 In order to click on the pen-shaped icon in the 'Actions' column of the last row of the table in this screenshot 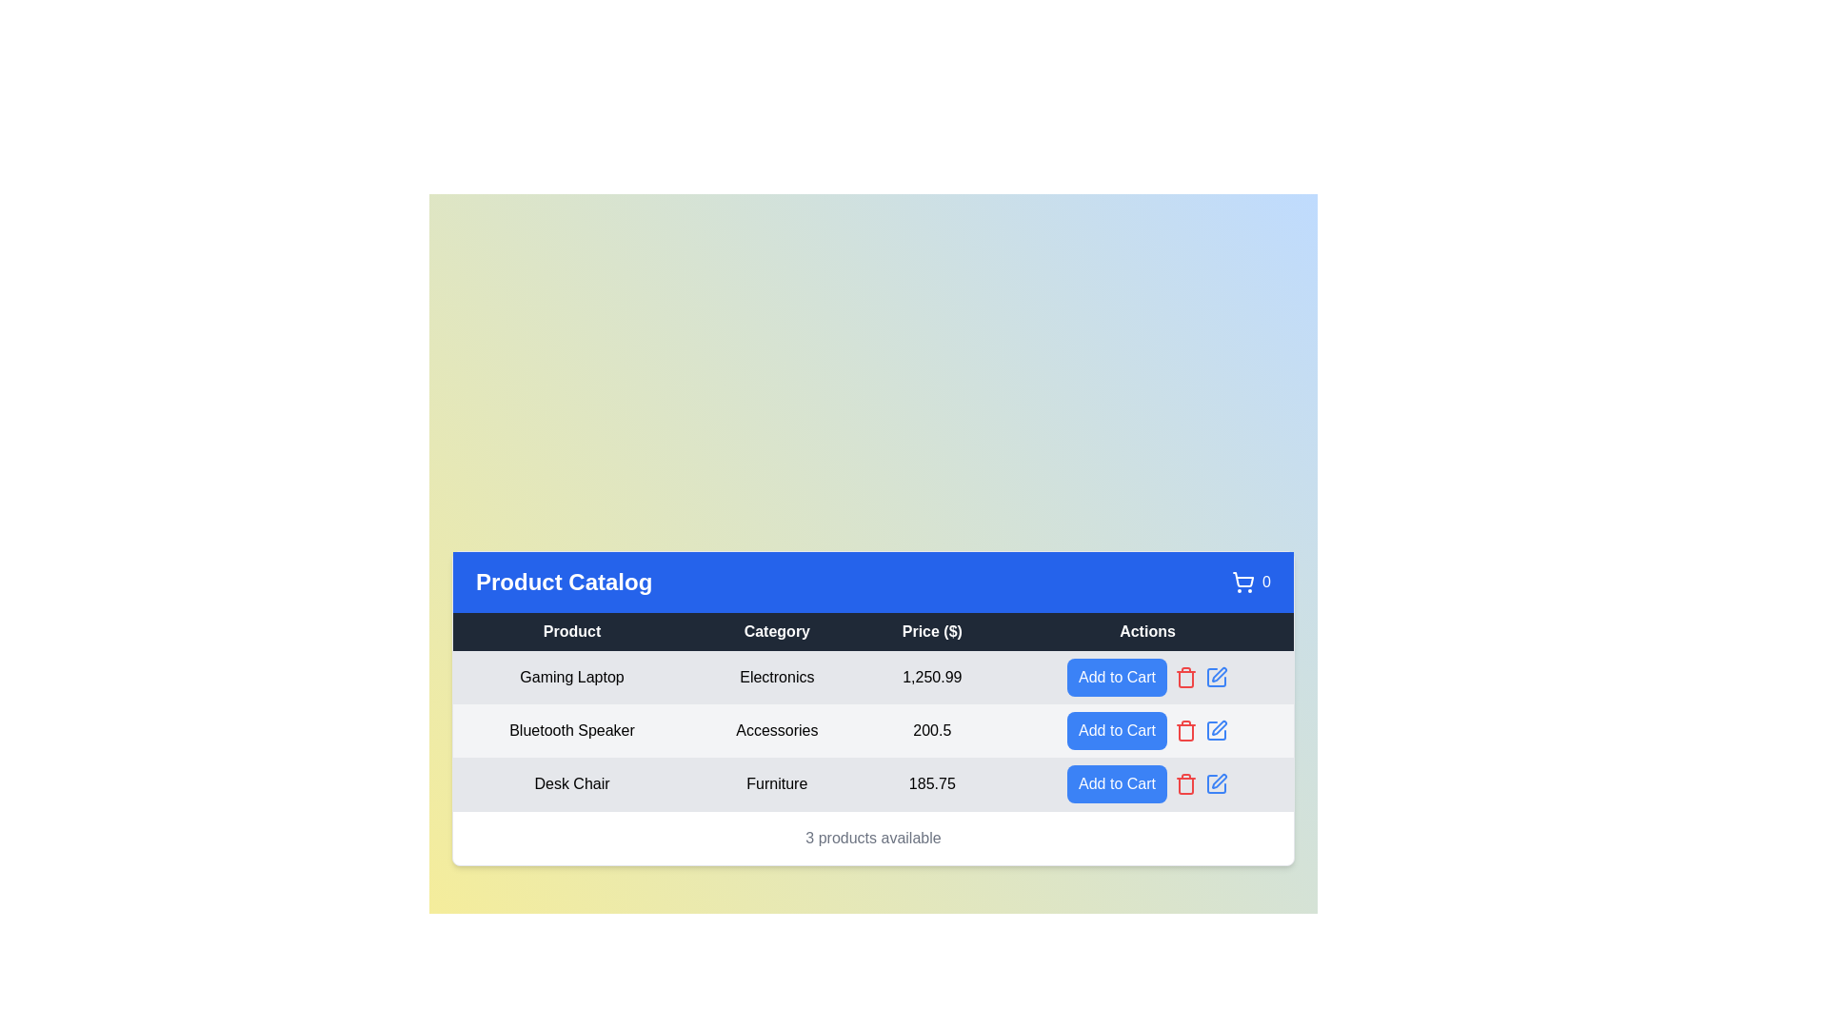, I will do `click(1219, 673)`.